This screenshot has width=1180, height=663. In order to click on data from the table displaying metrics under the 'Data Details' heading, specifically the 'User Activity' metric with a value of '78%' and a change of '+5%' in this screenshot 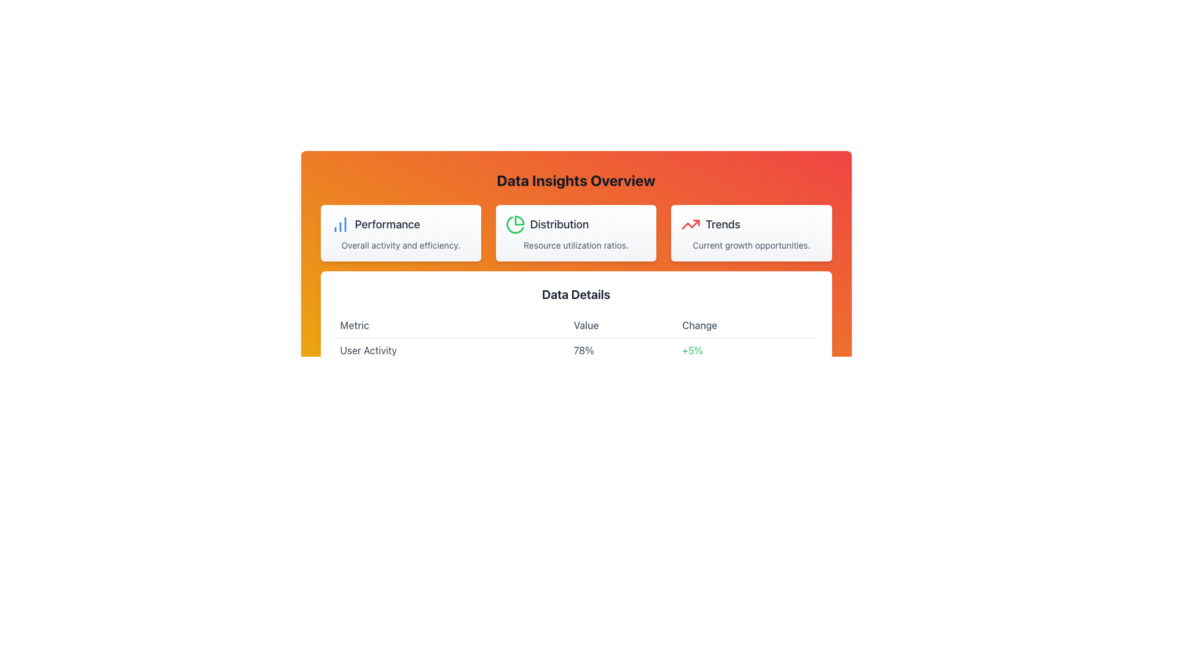, I will do `click(575, 350)`.